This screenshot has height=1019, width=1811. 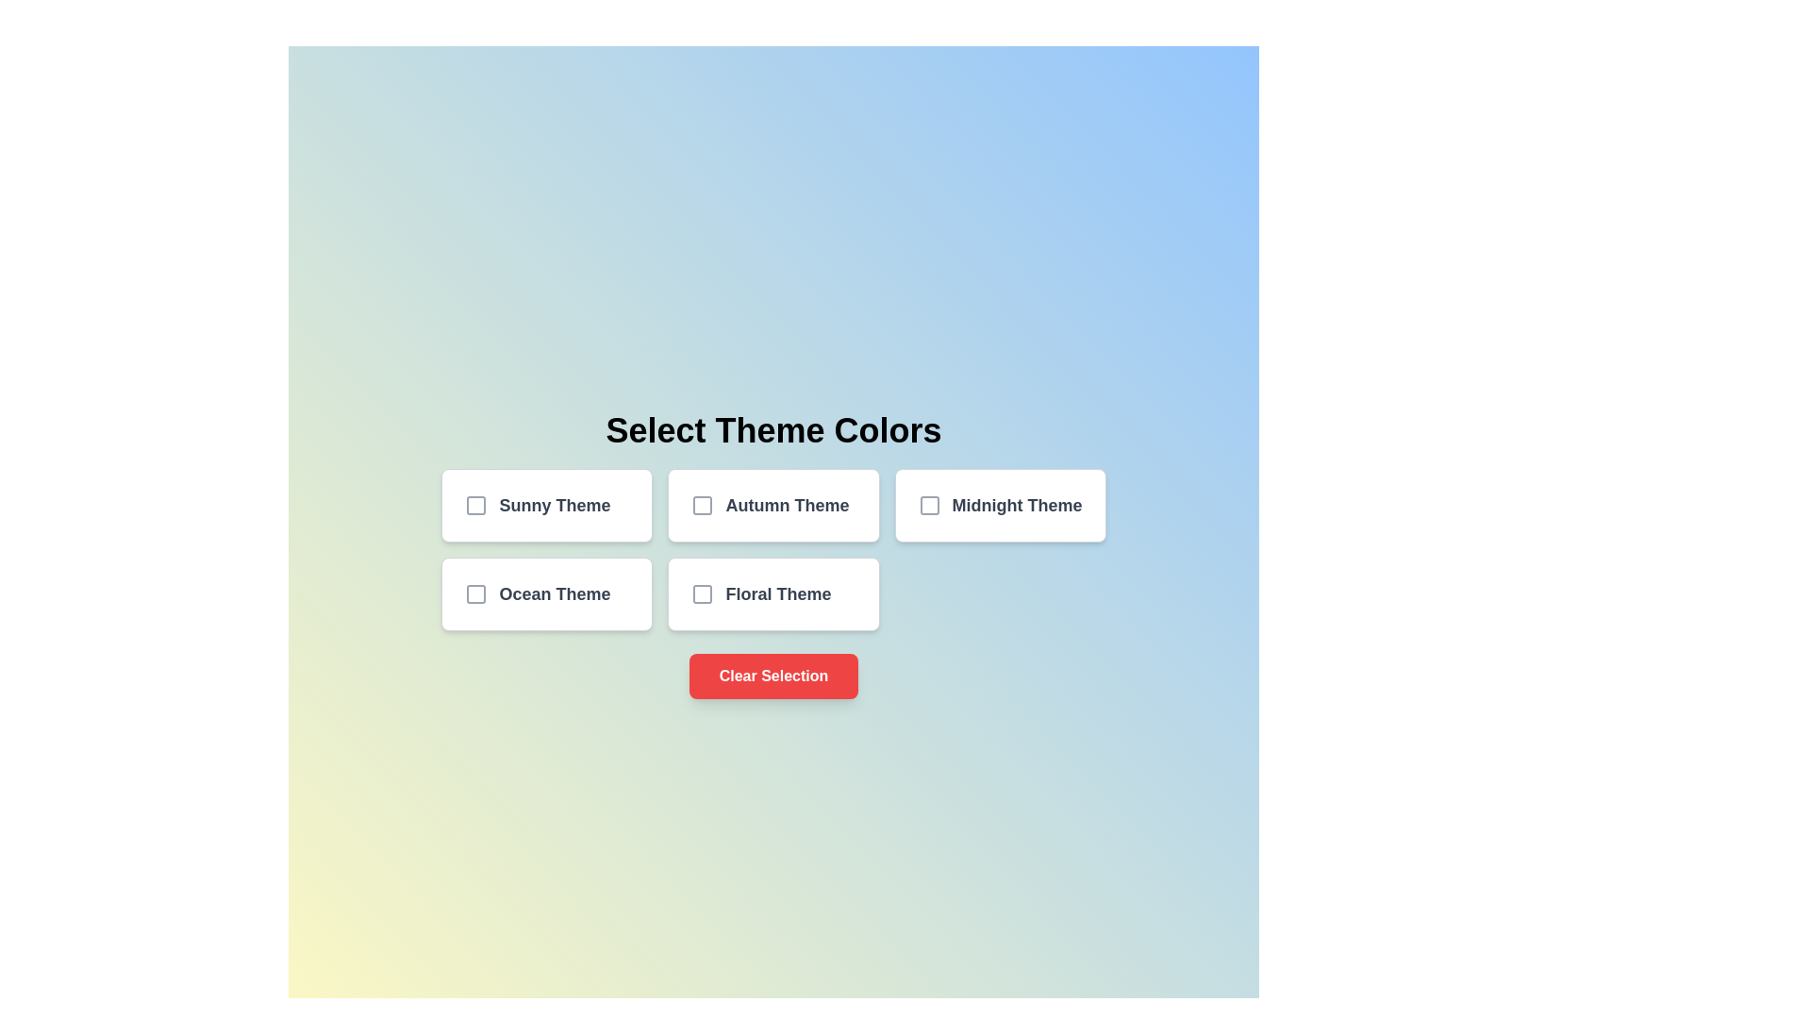 I want to click on the card corresponding to the Floral theme, so click(x=773, y=593).